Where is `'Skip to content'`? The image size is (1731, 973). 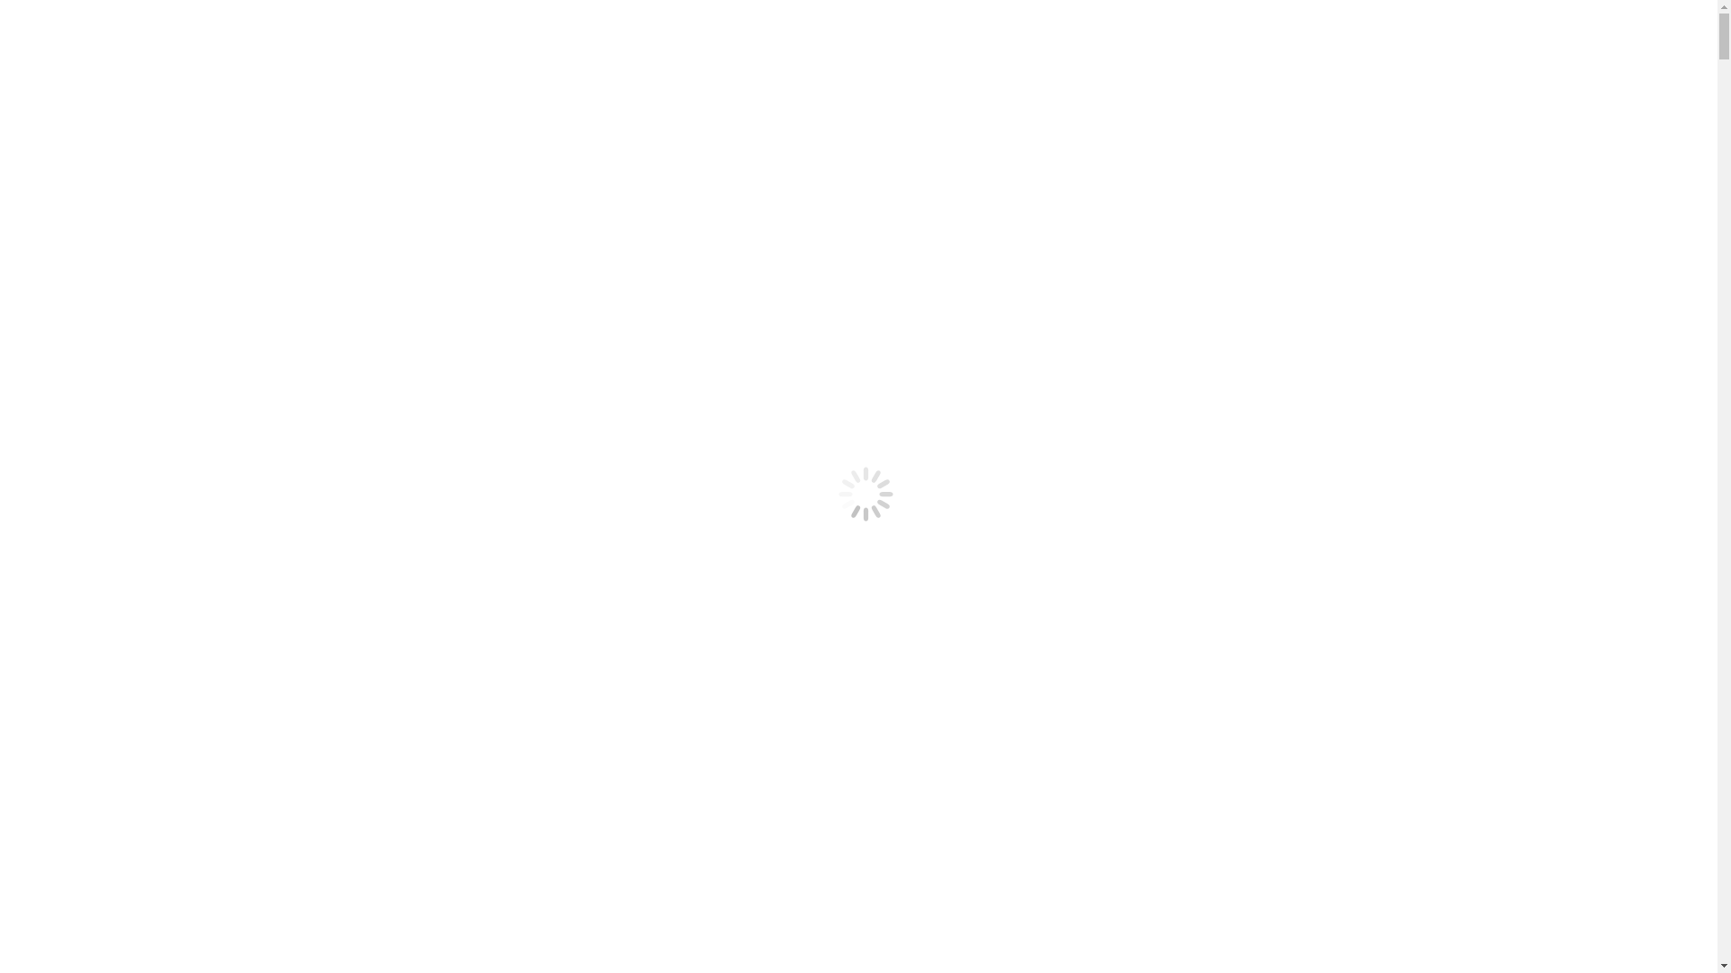
'Skip to content' is located at coordinates (50, 14).